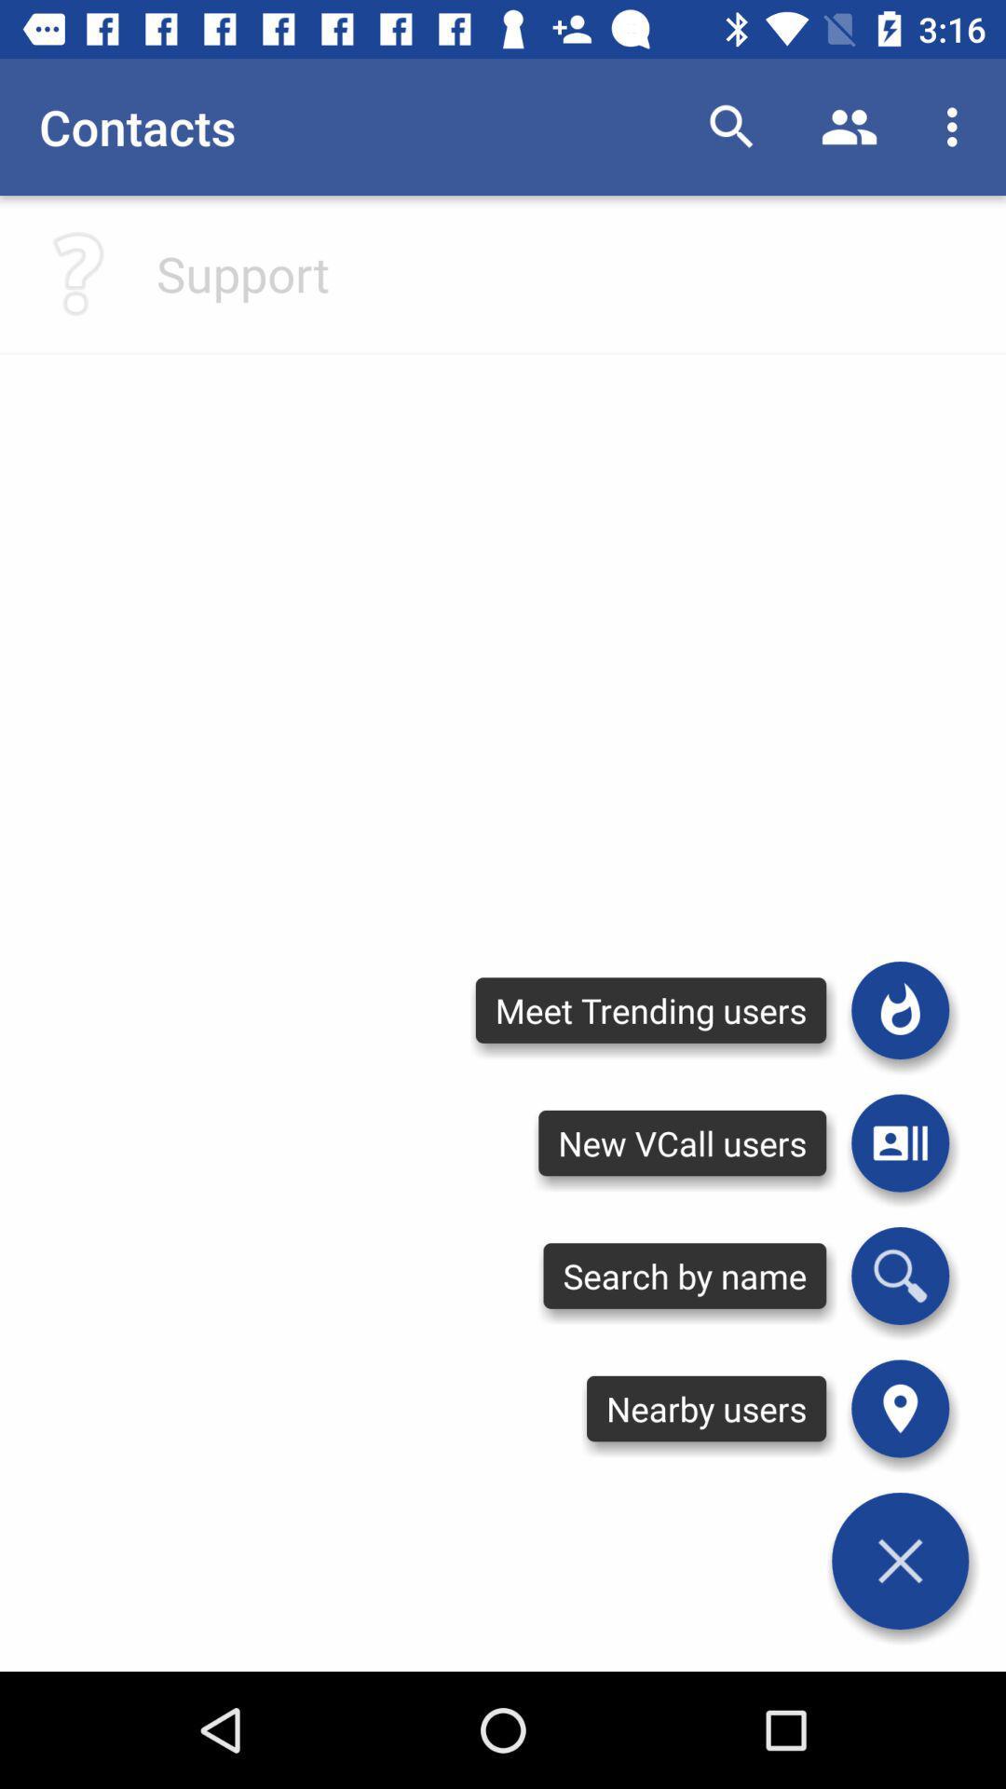 The width and height of the screenshot is (1006, 1789). I want to click on new vcall users, so click(899, 1142).